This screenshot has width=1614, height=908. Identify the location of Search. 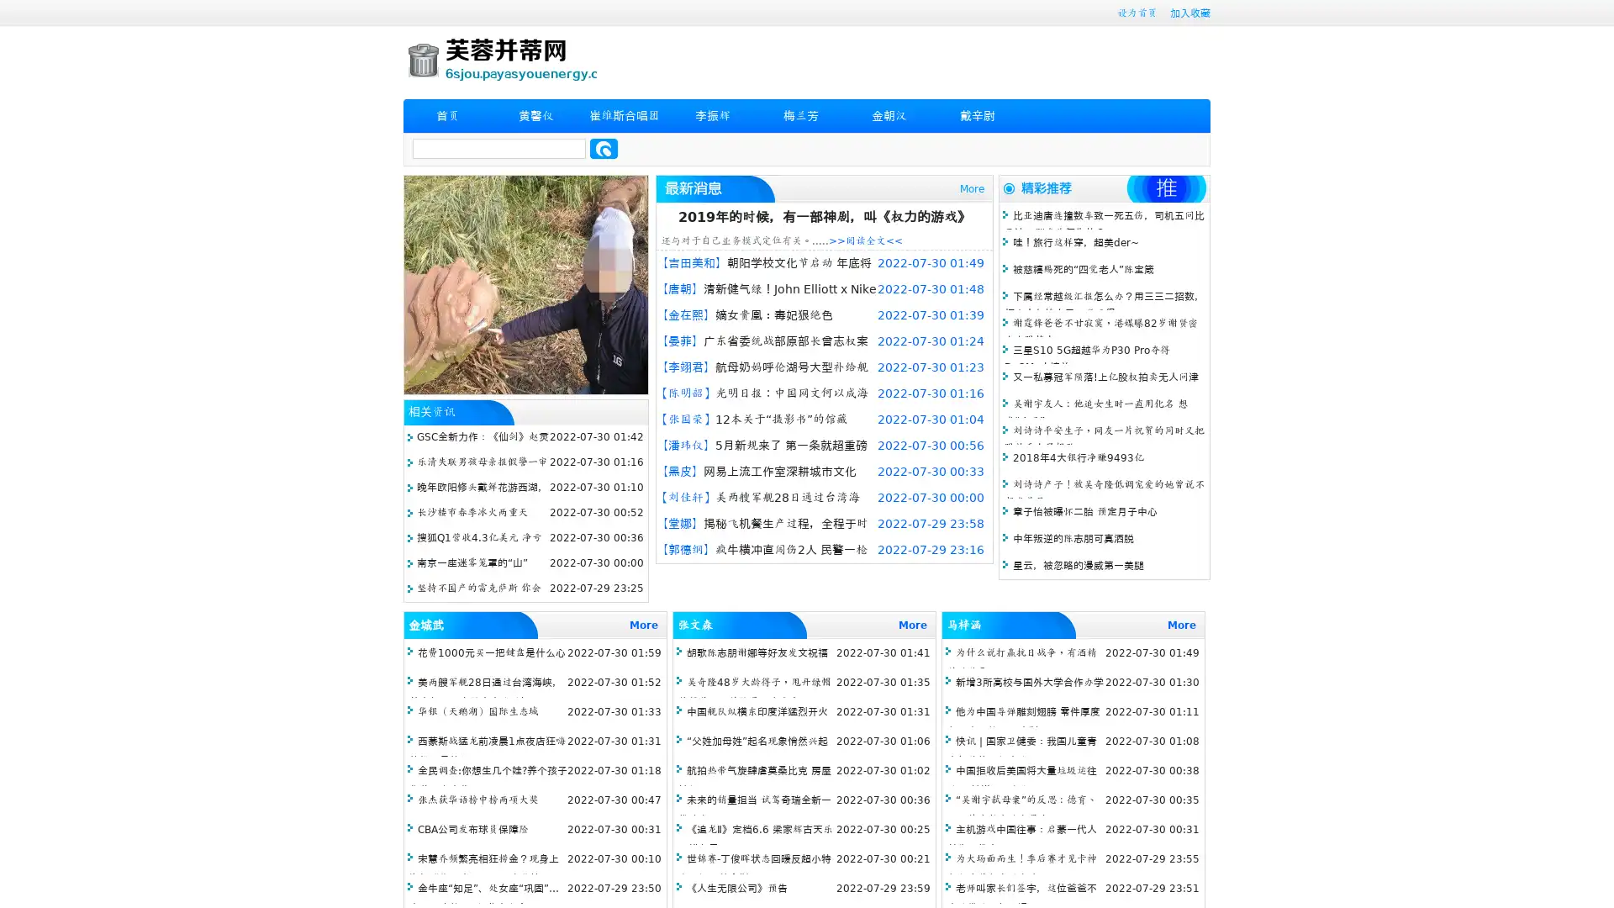
(604, 148).